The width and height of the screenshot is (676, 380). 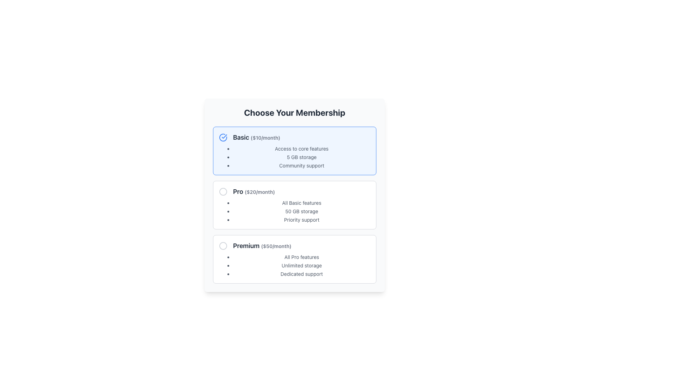 What do you see at coordinates (223, 191) in the screenshot?
I see `the circular icon that acts as a placeholder for the 'Pro ($20/month)' membership option, located to the left of the corresponding text in the second section of the membership list` at bounding box center [223, 191].